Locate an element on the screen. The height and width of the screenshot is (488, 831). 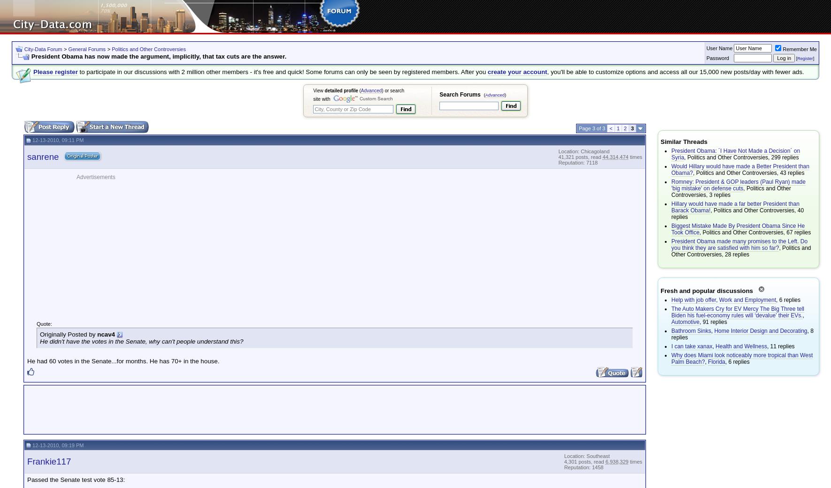
', Politics and Other Controversies, 67 replies' is located at coordinates (754, 232).